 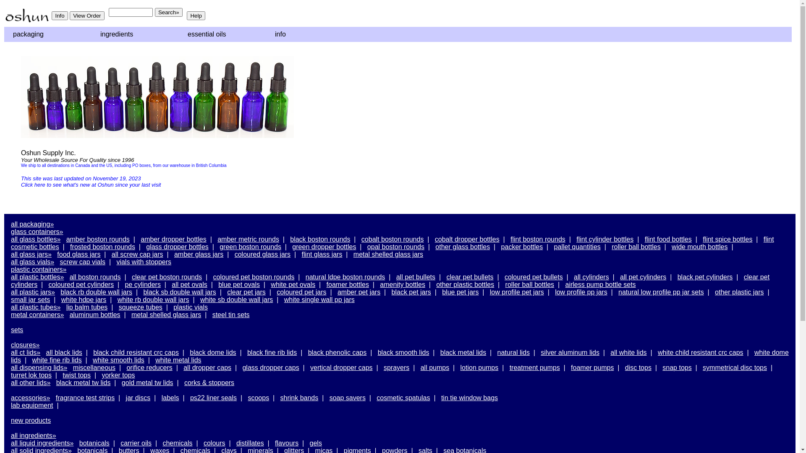 I want to click on 'opal boston rounds', so click(x=395, y=246).